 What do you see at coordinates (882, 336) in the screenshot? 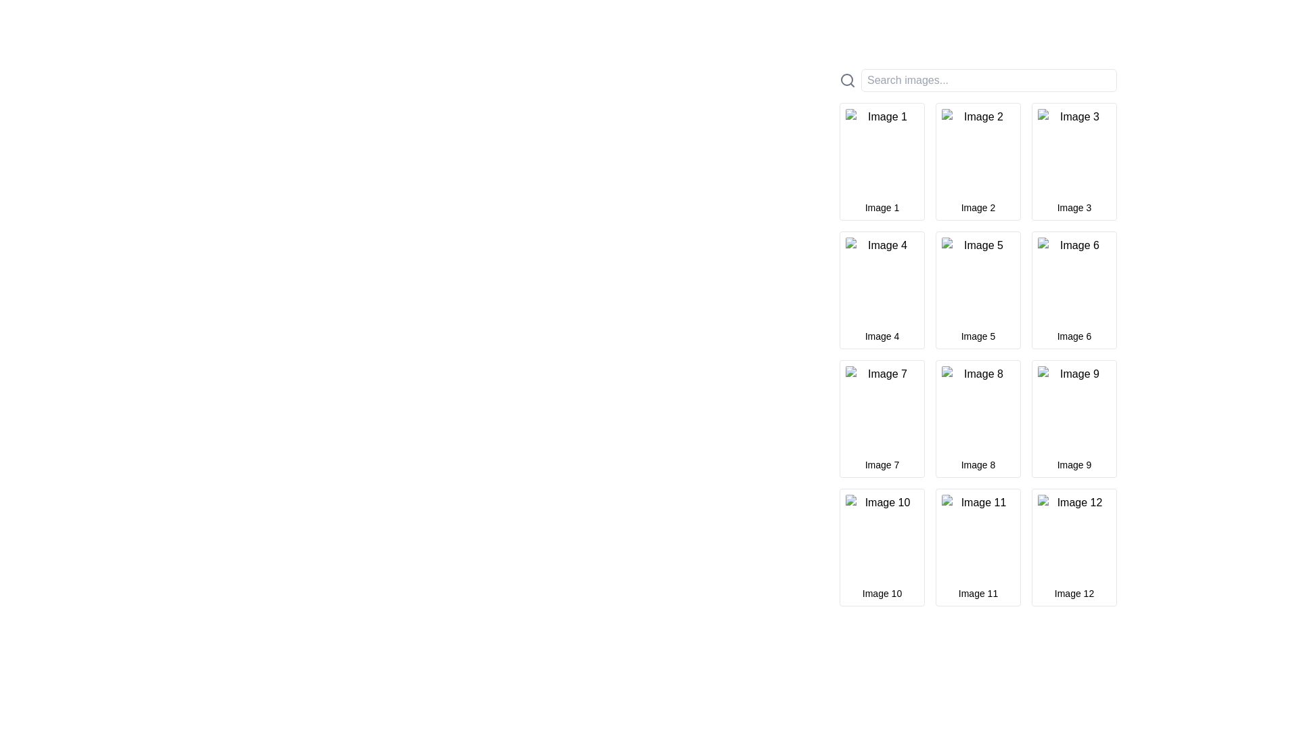
I see `the text label positioned below the fourth image in the second row of the grid layout, which provides identification or details about the image` at bounding box center [882, 336].